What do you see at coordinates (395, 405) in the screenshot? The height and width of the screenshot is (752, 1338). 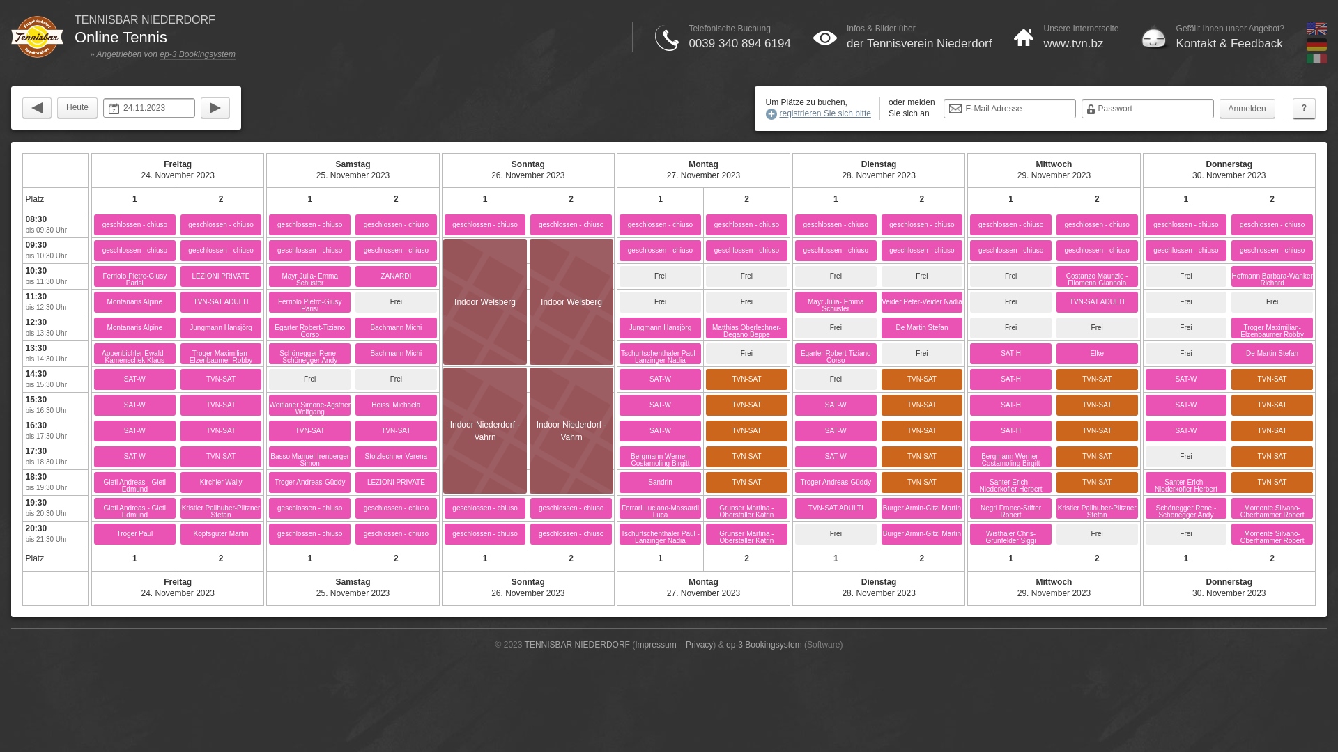 I see `'Heissl Michaela'` at bounding box center [395, 405].